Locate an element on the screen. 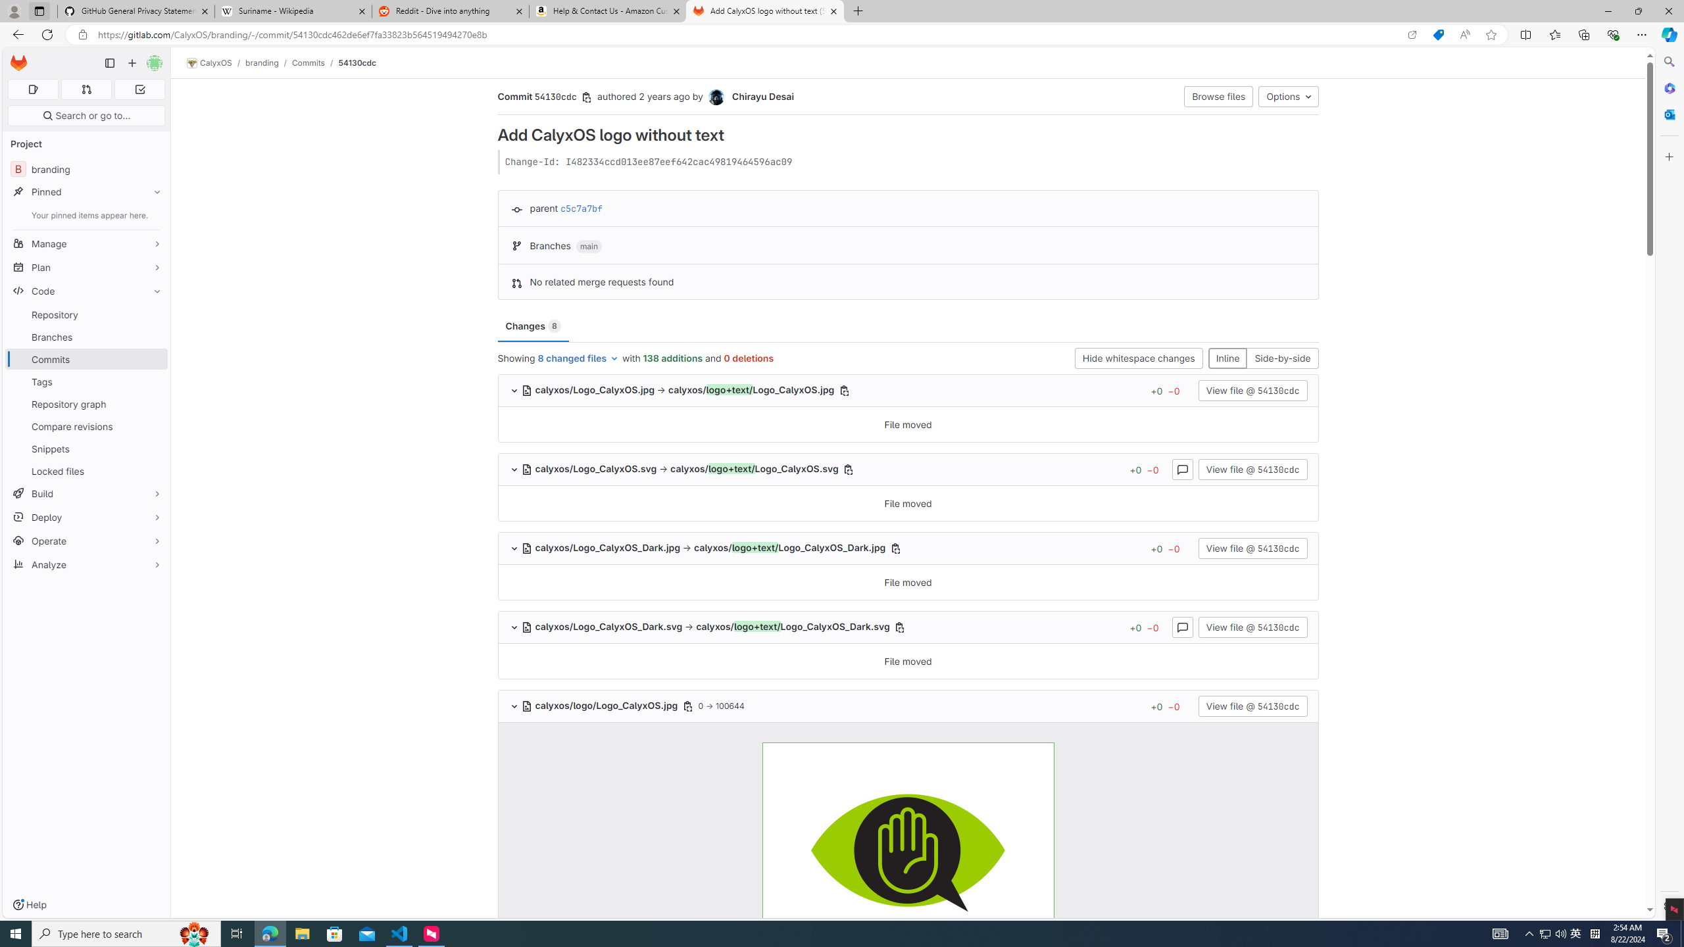 Image resolution: width=1684 pixels, height=947 pixels. 'Bbranding' is located at coordinates (86, 168).